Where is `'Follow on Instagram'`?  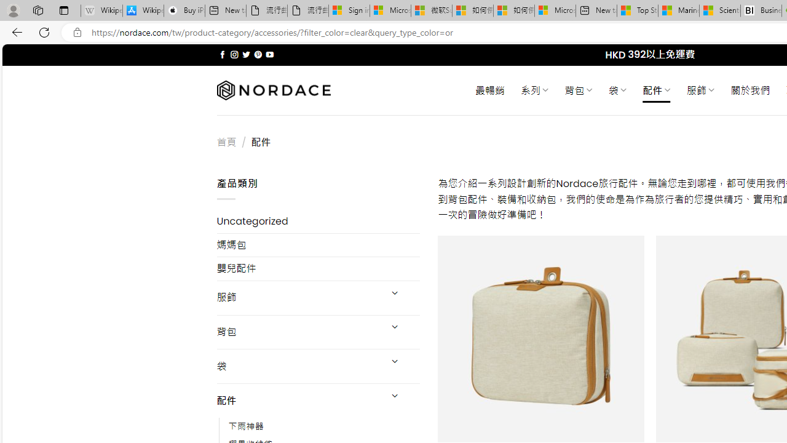 'Follow on Instagram' is located at coordinates (234, 54).